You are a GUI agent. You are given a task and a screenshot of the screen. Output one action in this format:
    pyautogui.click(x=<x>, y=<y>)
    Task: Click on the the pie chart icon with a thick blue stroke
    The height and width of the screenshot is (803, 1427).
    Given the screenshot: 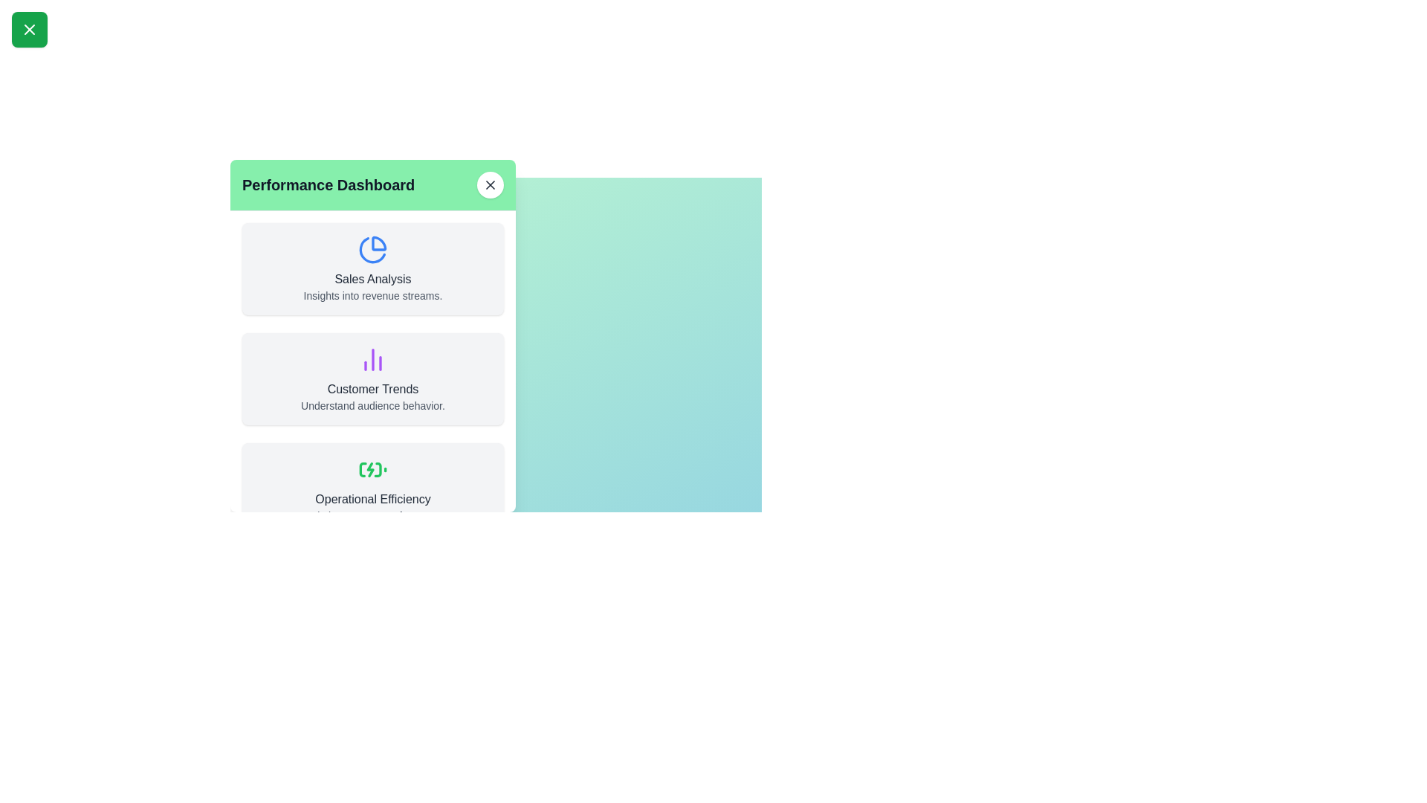 What is the action you would take?
    pyautogui.click(x=373, y=248)
    